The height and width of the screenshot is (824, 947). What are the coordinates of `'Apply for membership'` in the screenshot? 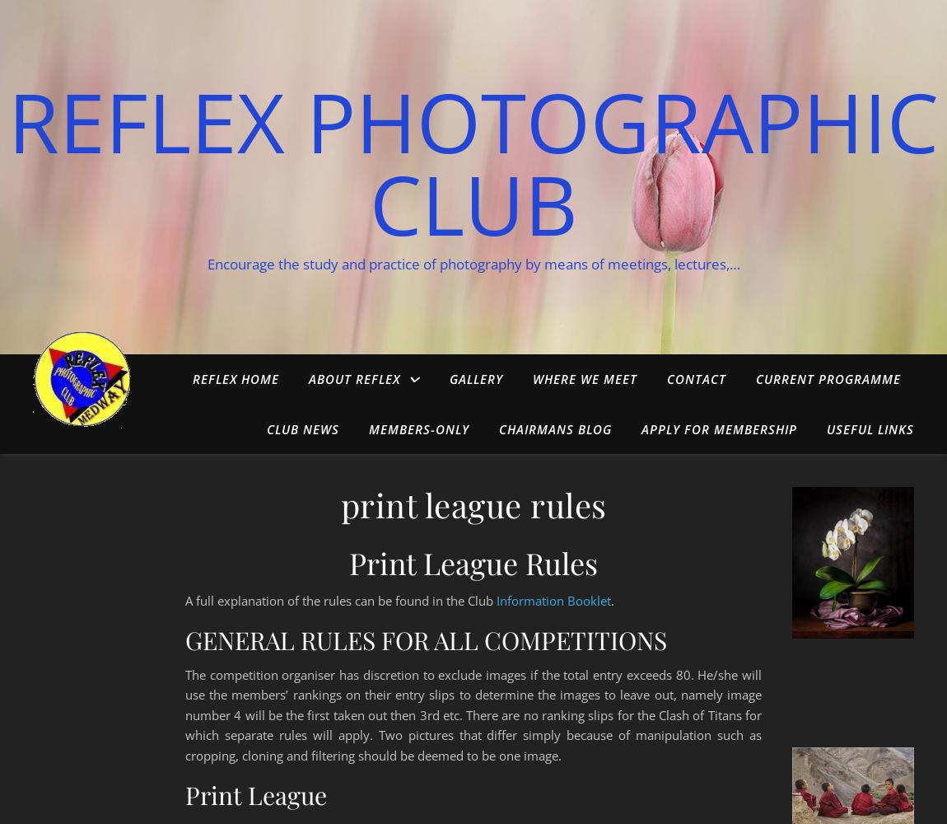 It's located at (719, 429).